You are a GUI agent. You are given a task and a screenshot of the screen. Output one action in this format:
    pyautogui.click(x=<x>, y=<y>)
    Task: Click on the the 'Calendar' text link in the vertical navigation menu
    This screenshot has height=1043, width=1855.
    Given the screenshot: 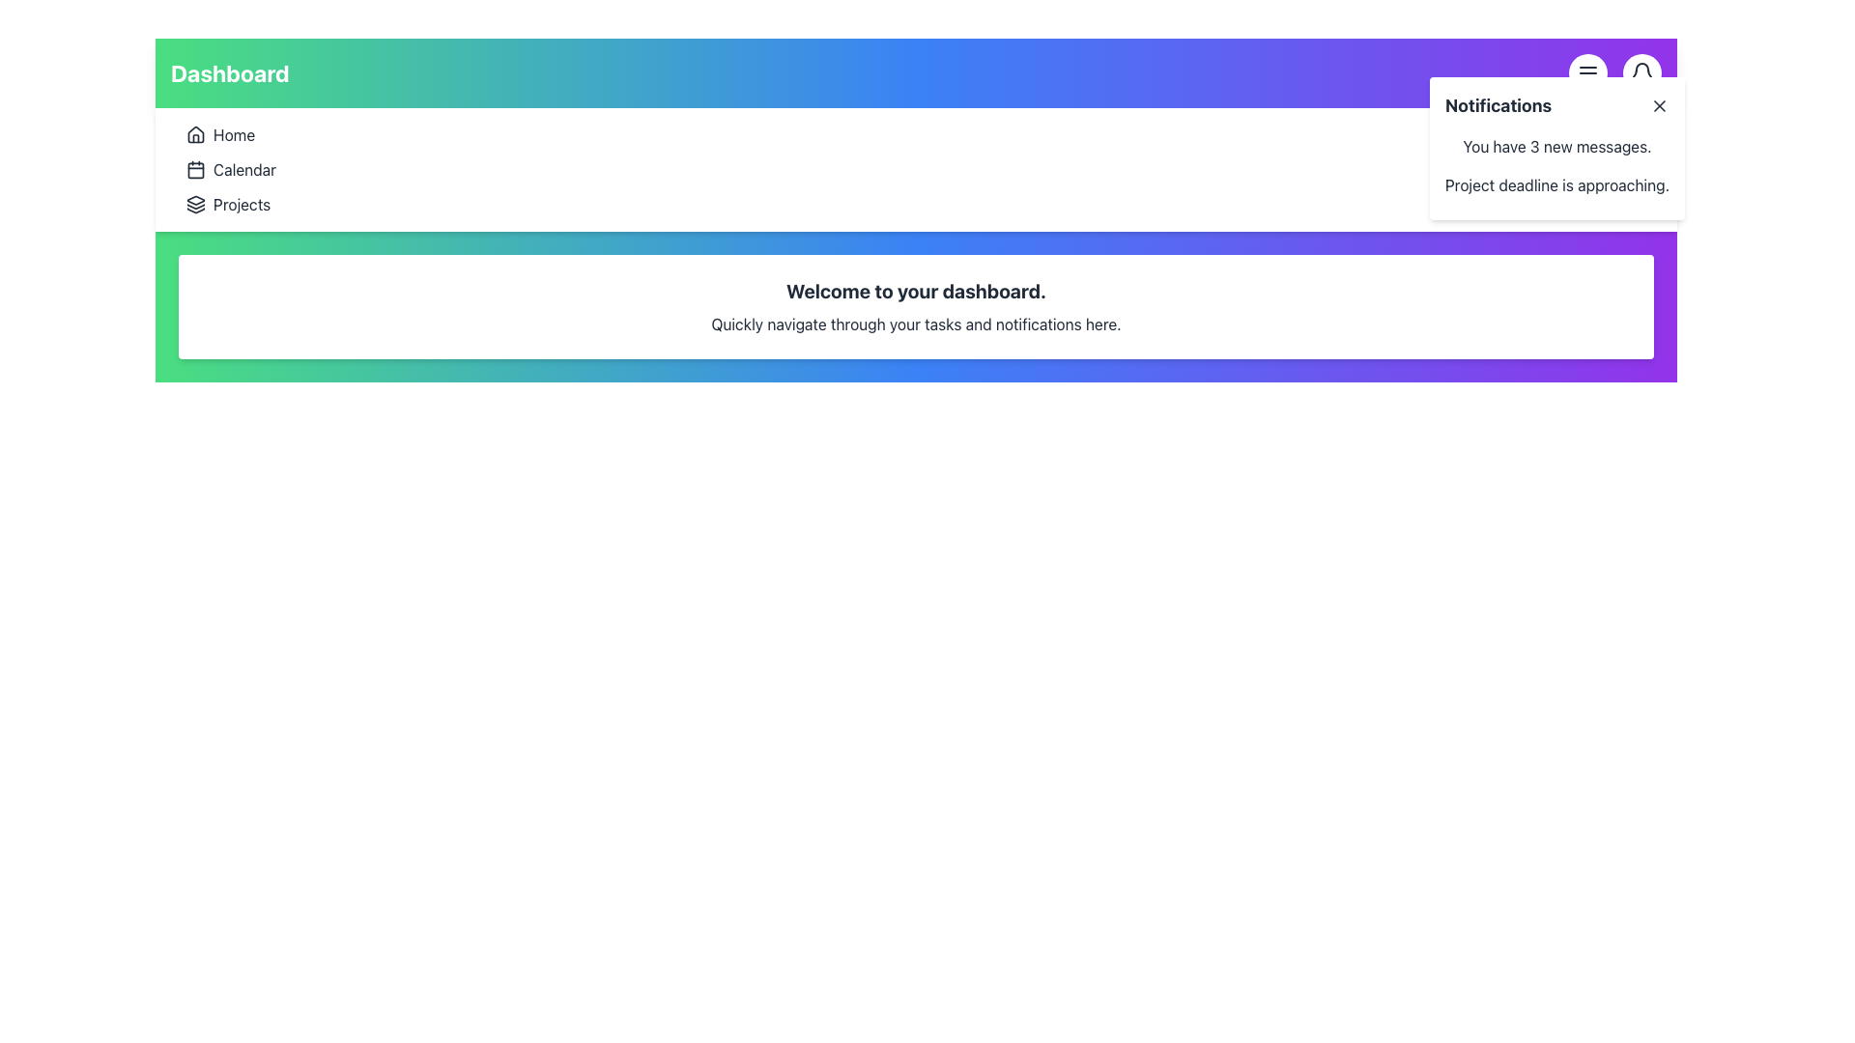 What is the action you would take?
    pyautogui.click(x=243, y=169)
    